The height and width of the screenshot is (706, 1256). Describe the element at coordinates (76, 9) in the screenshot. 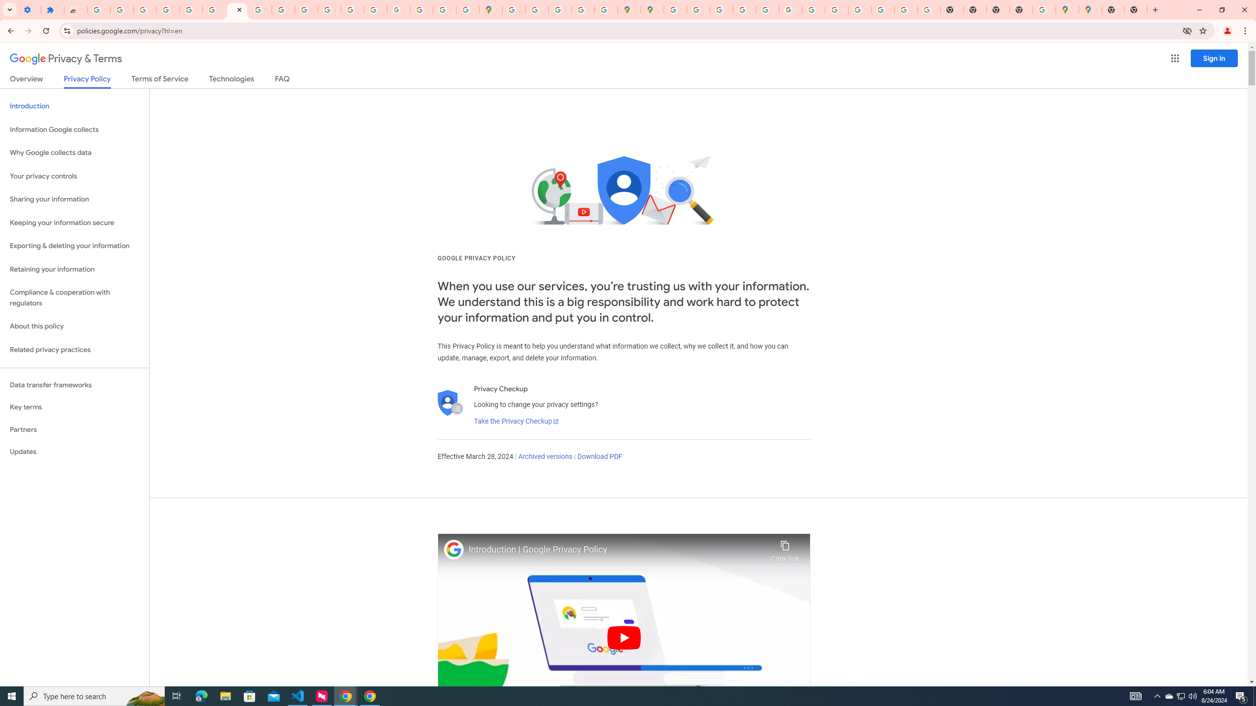

I see `'Reviews: Helix Fruit Jump Arcade Game'` at that location.